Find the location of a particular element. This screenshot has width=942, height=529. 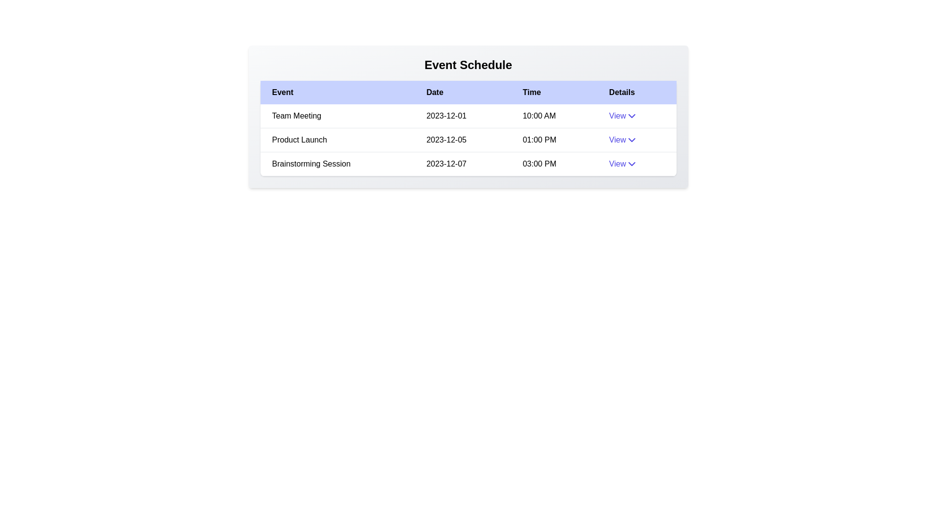

the column header labeled 'Time' to sort the table by that column is located at coordinates (554, 93).